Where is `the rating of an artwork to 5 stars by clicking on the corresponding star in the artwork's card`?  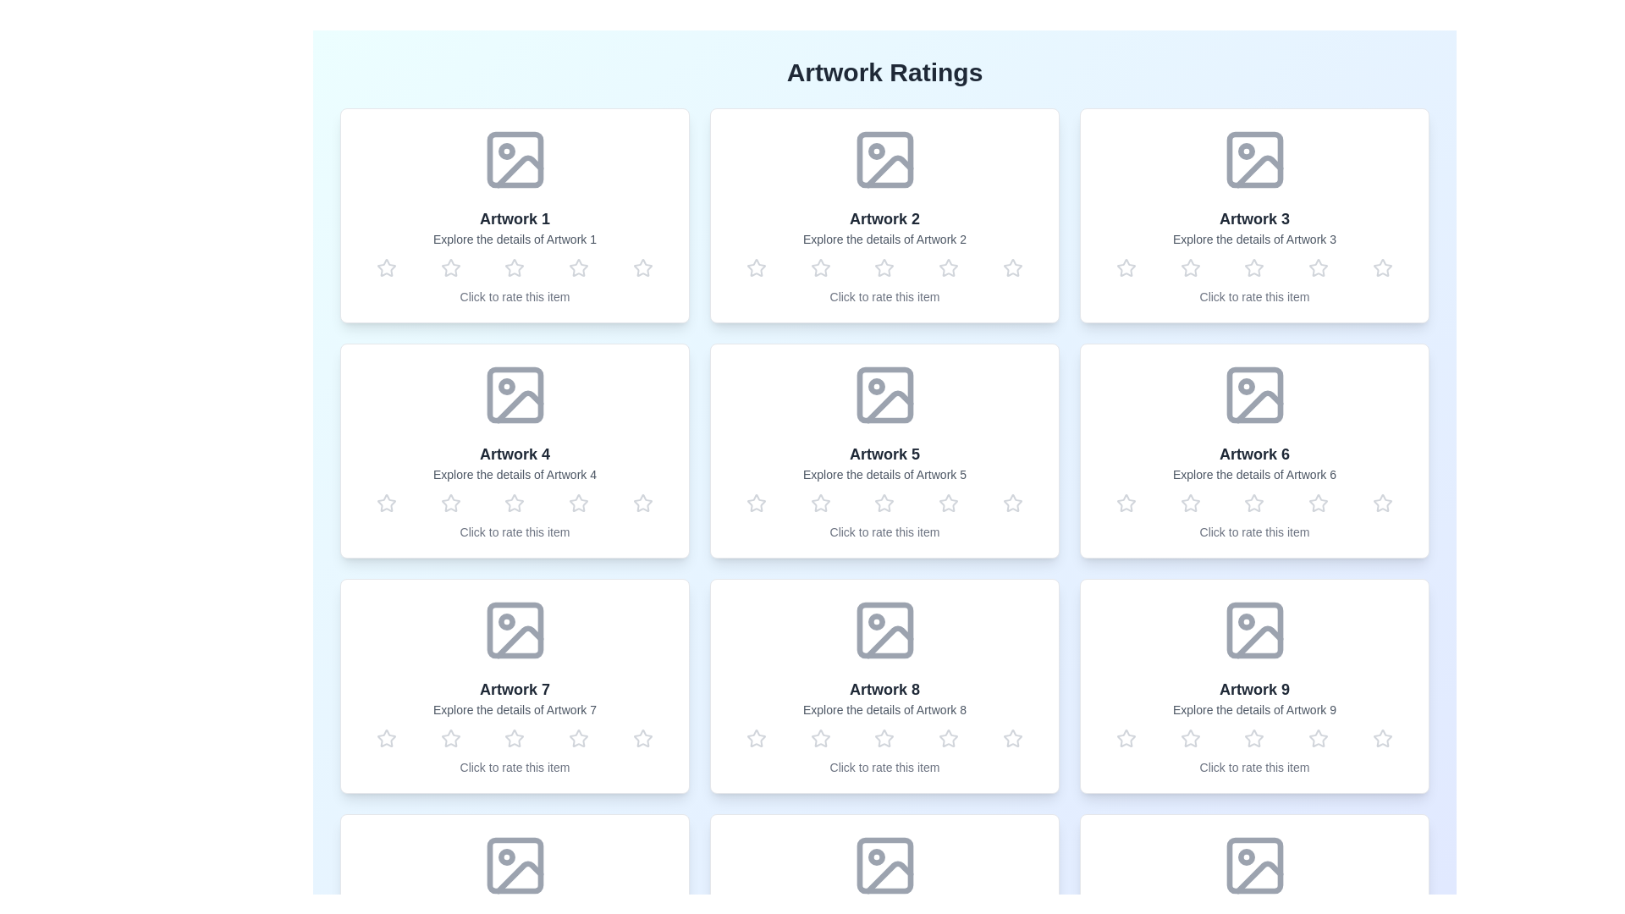 the rating of an artwork to 5 stars by clicking on the corresponding star in the artwork's card is located at coordinates (642, 267).